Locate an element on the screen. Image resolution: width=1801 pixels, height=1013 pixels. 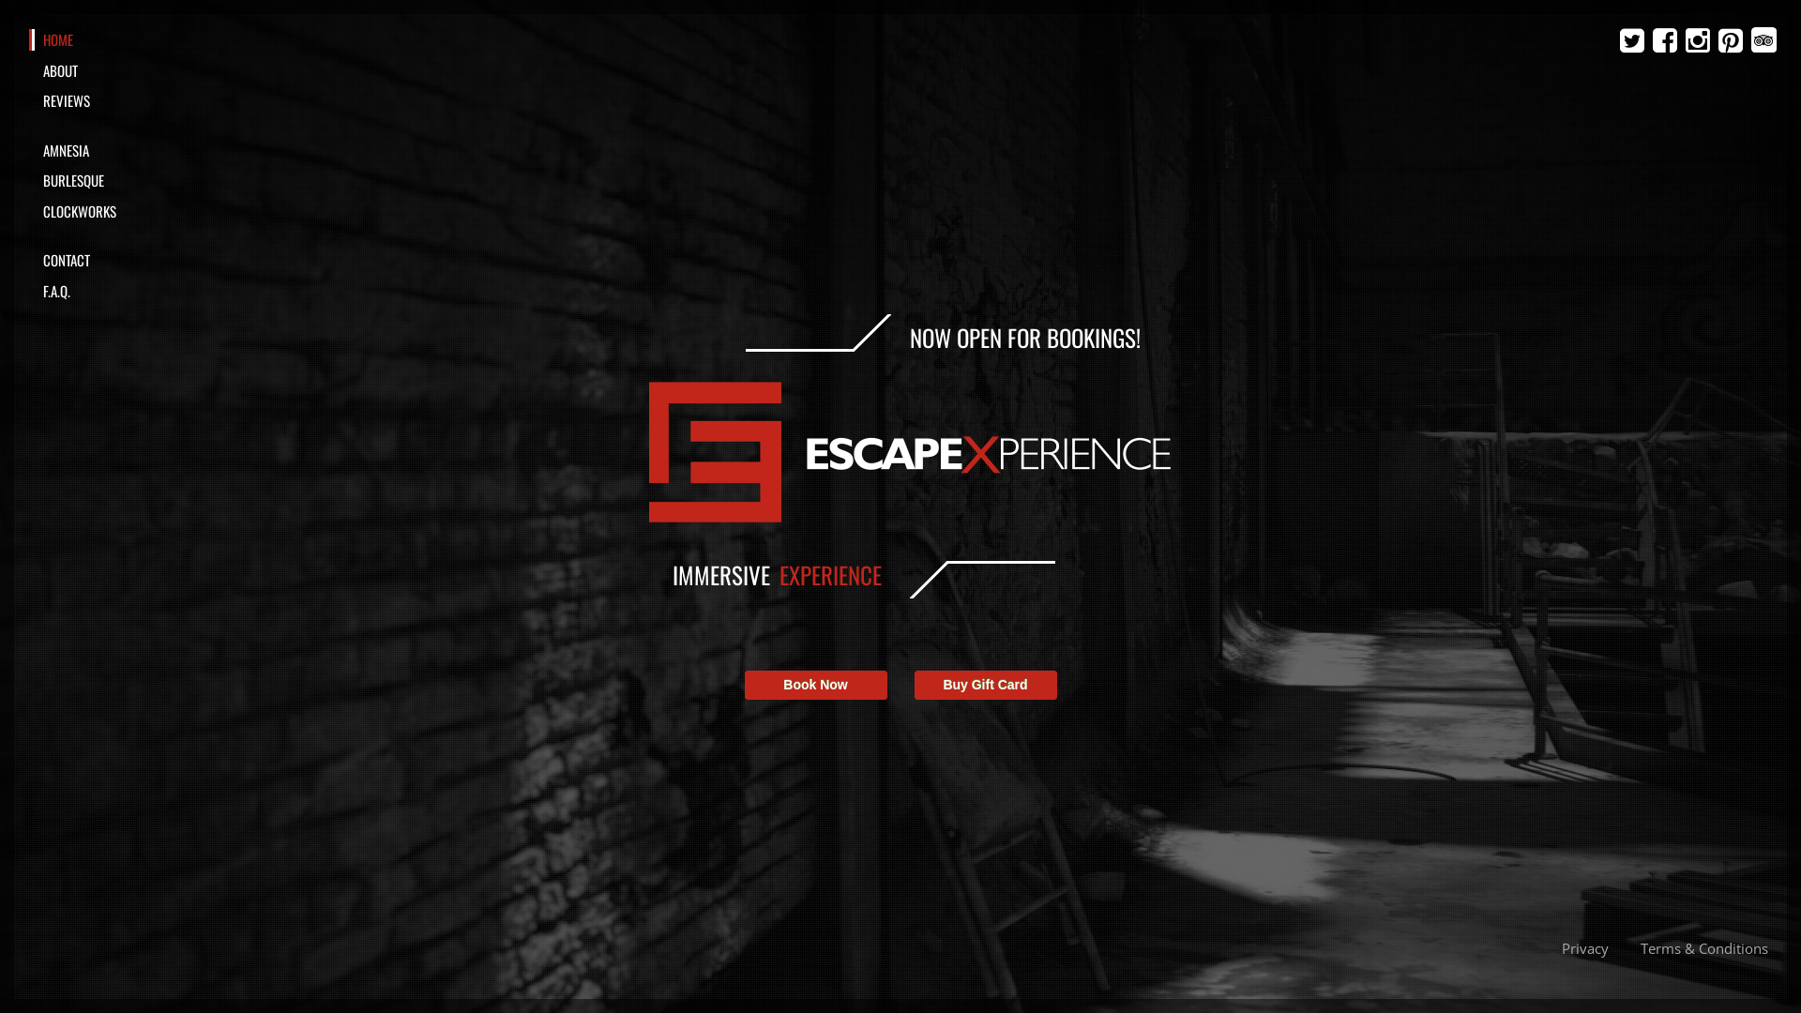
'F.A.Q.' is located at coordinates (119, 290).